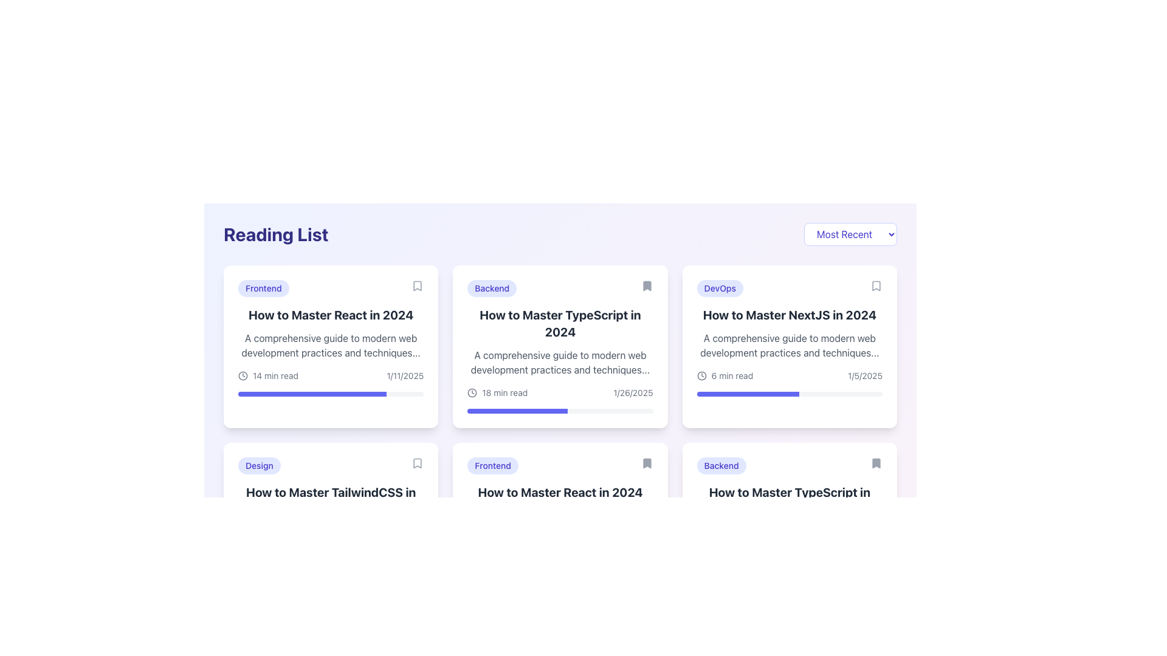 This screenshot has width=1167, height=656. Describe the element at coordinates (418, 463) in the screenshot. I see `the bookmark icon located in the top-right corner of the first card in the second row of the Reading List` at that location.